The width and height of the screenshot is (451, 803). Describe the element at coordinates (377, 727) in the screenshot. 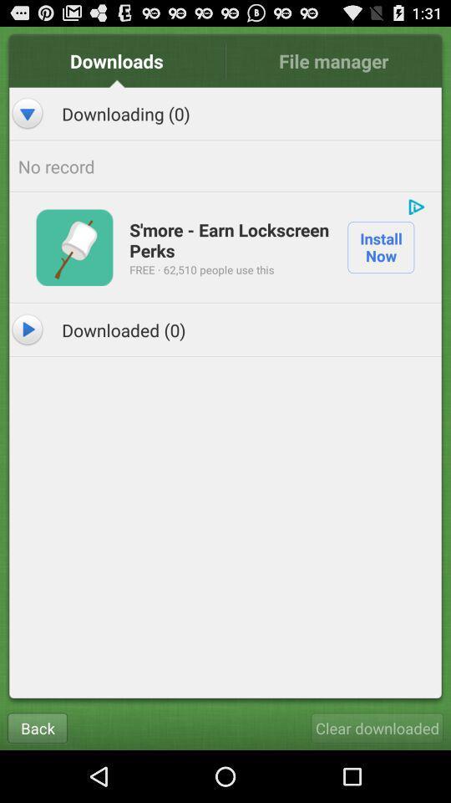

I see `the item next to back` at that location.